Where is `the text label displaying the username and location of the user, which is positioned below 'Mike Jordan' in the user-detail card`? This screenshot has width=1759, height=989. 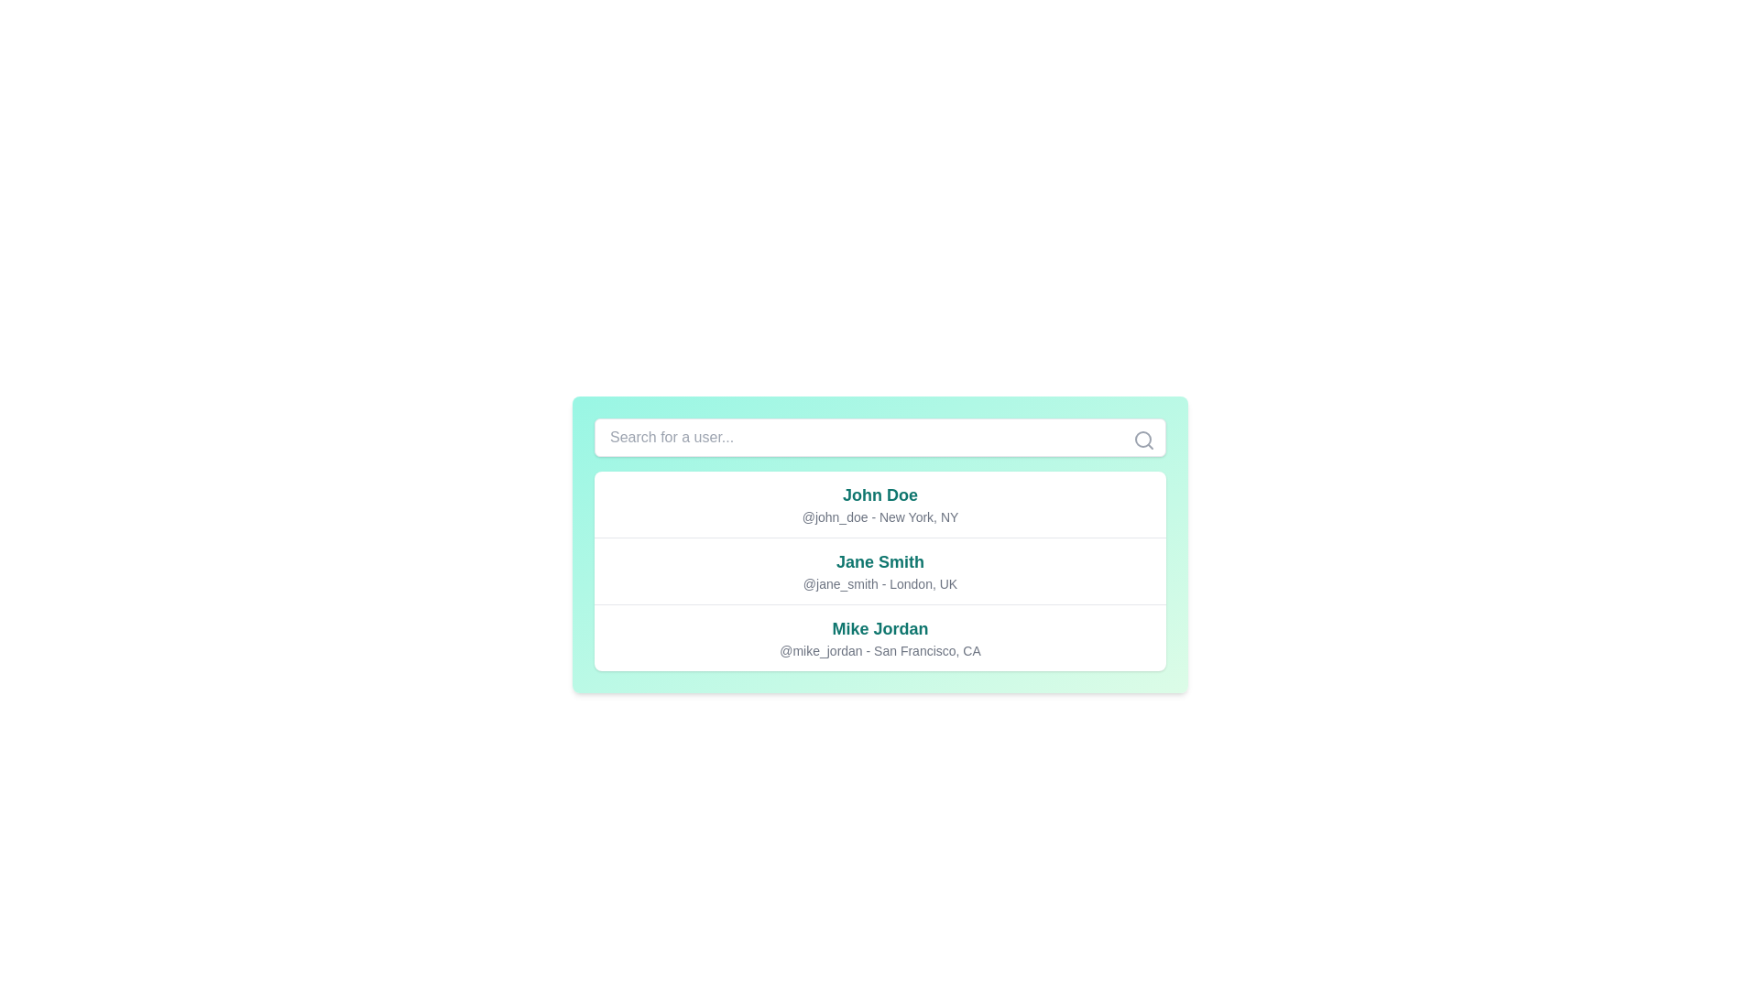
the text label displaying the username and location of the user, which is positioned below 'Mike Jordan' in the user-detail card is located at coordinates (879, 649).